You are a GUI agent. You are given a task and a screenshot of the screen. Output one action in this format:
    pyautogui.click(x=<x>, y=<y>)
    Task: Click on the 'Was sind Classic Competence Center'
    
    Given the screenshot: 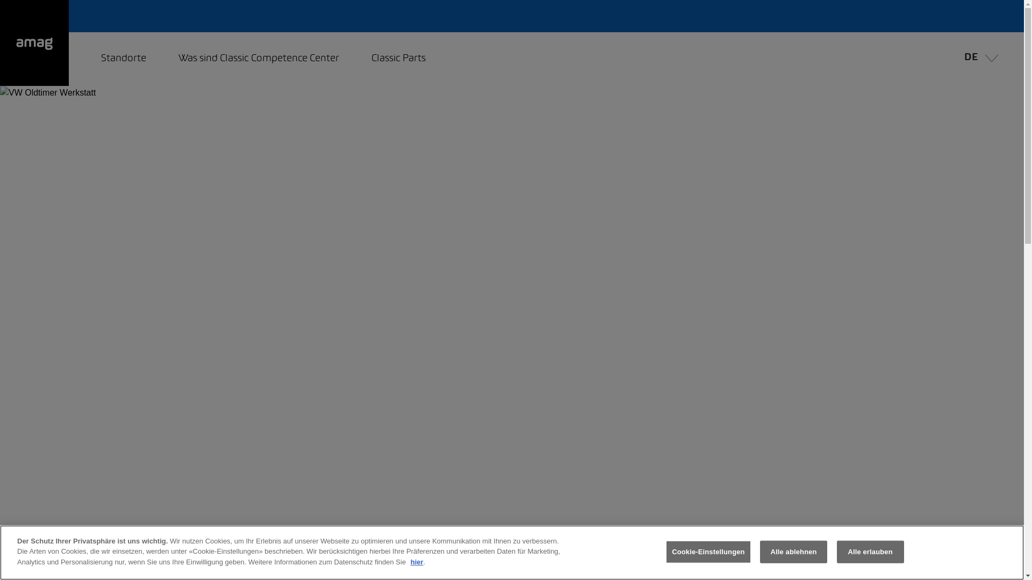 What is the action you would take?
    pyautogui.click(x=259, y=59)
    